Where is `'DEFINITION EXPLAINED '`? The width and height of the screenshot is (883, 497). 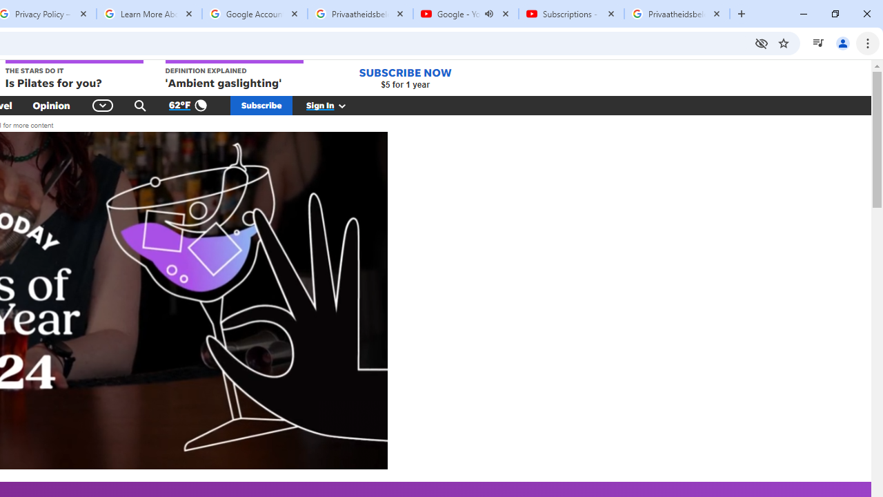
'DEFINITION EXPLAINED ' is located at coordinates (234, 75).